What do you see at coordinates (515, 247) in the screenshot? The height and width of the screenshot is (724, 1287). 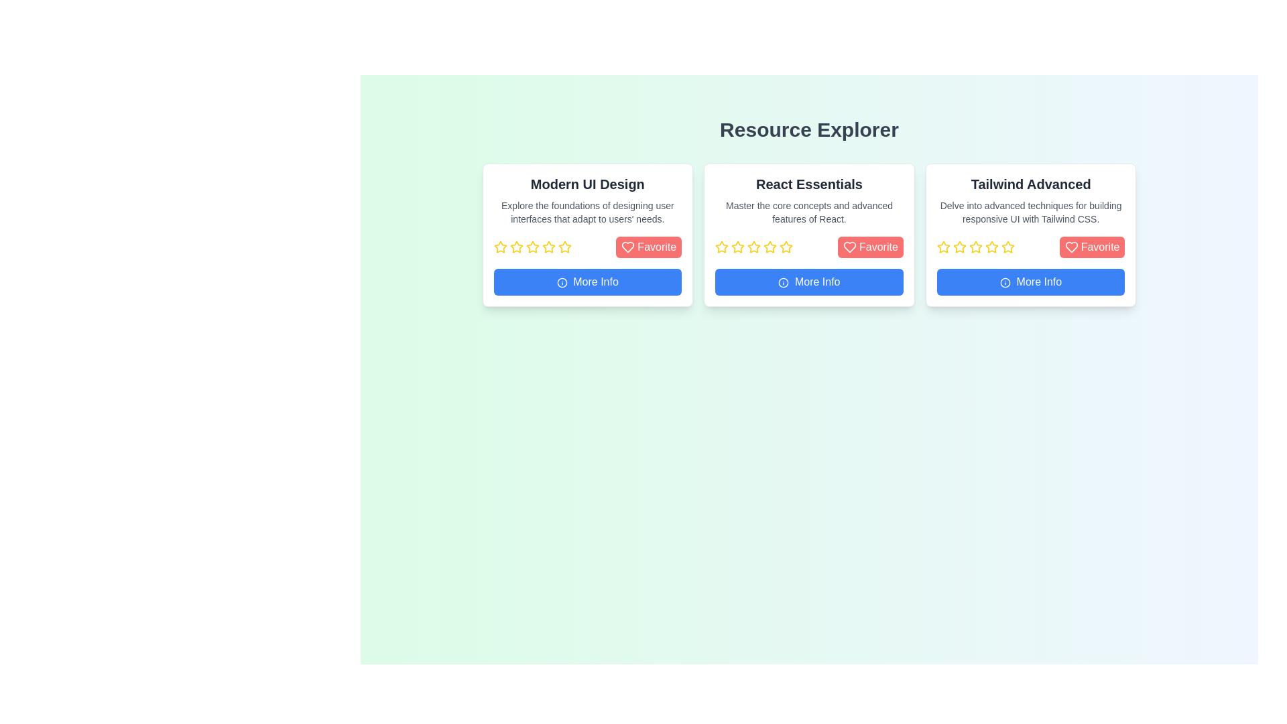 I see `the third star icon in the rating component under the 'Modern UI Design' card to rate the item` at bounding box center [515, 247].